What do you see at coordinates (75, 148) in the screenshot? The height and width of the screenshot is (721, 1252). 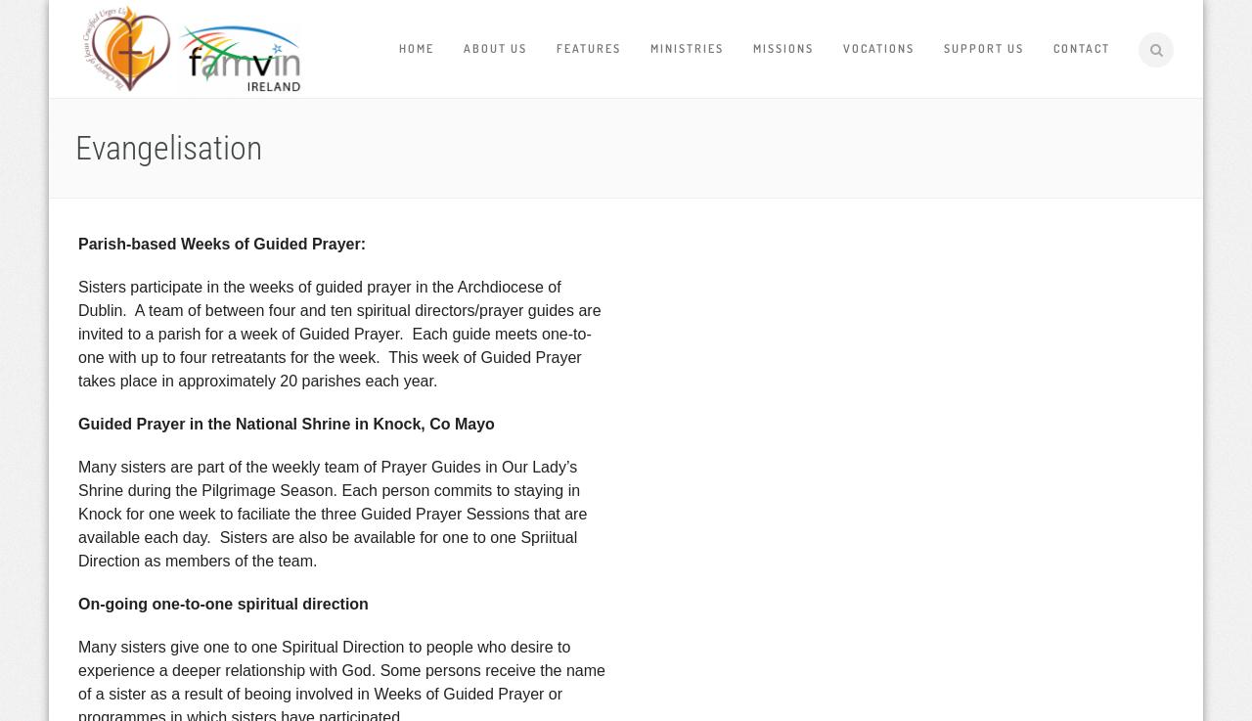 I see `'Evangelisation'` at bounding box center [75, 148].